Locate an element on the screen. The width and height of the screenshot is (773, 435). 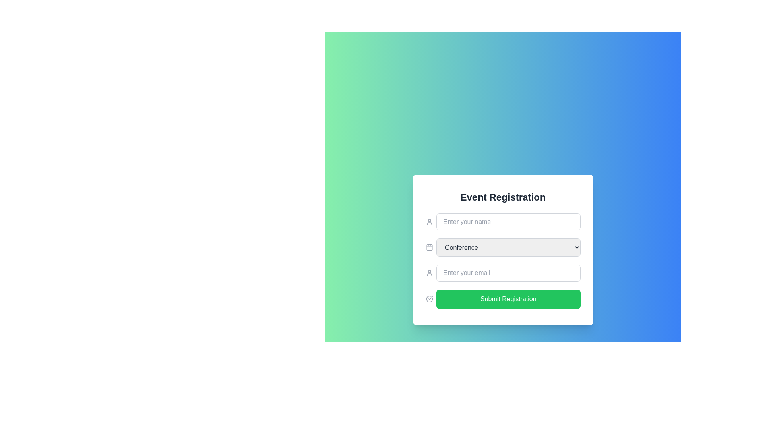
the Dropdown menu located centrally within the form structure is located at coordinates (508, 246).